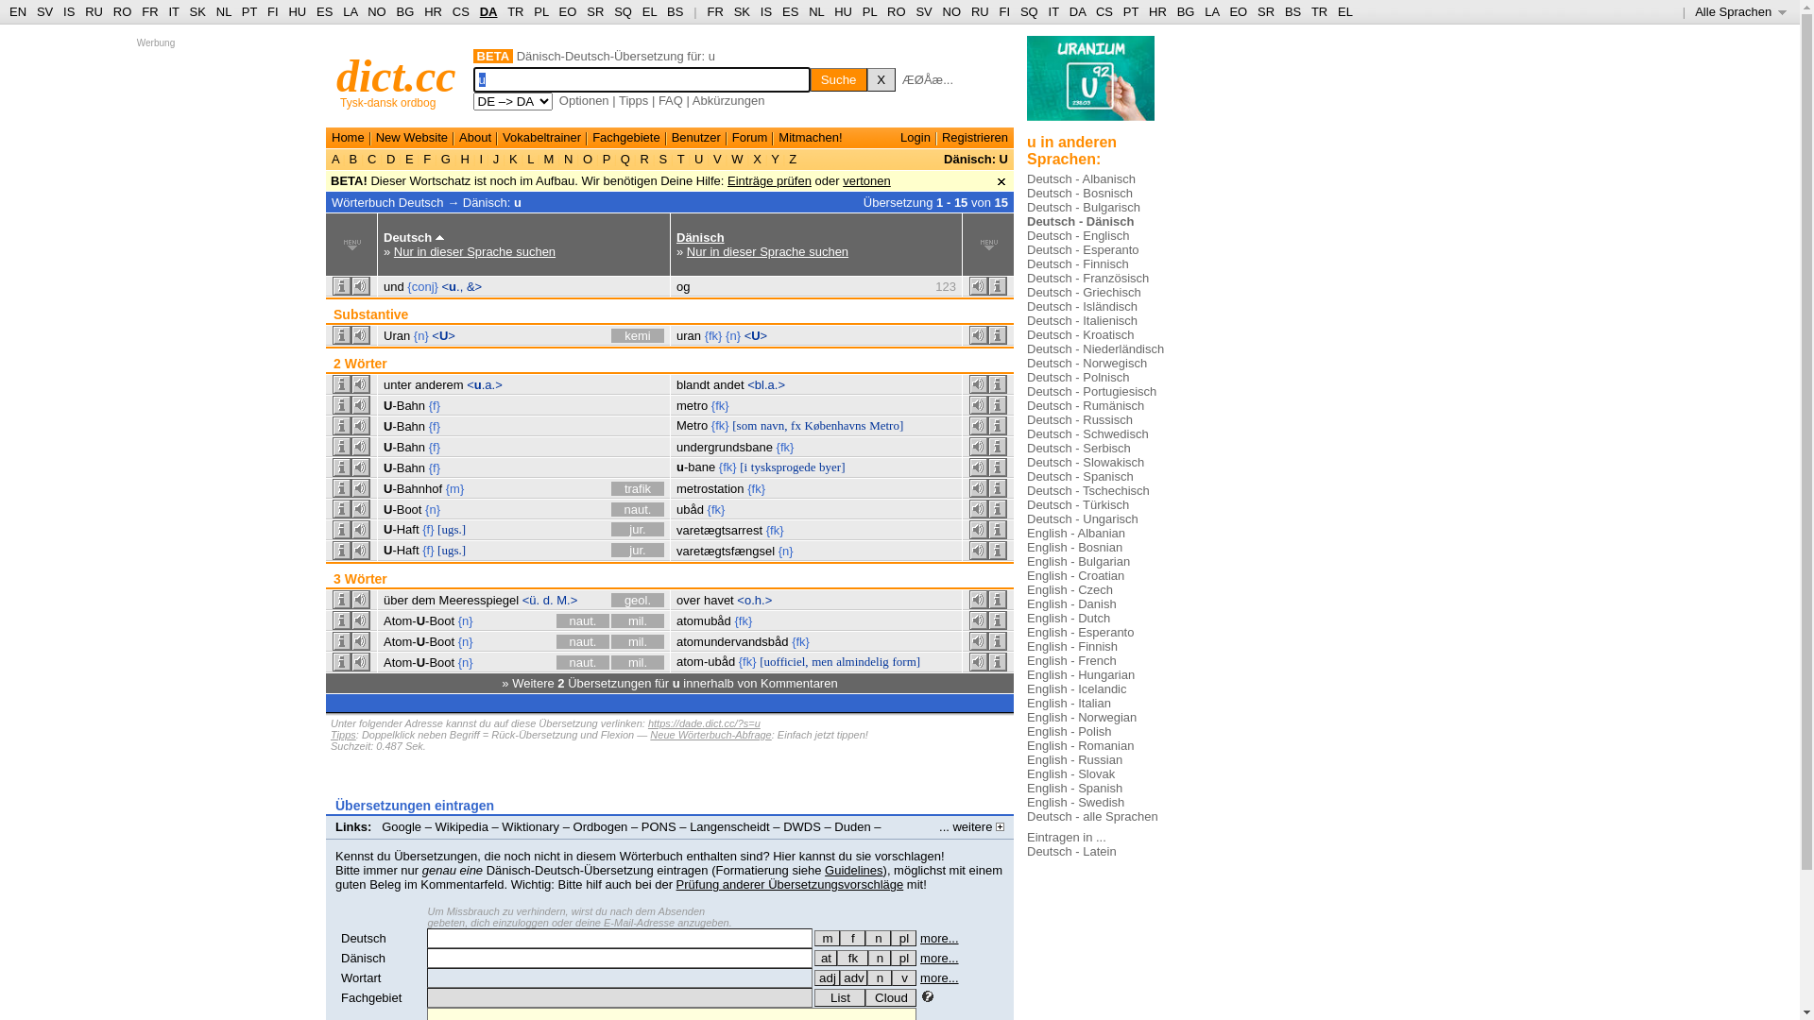  What do you see at coordinates (18, 11) in the screenshot?
I see `'EN'` at bounding box center [18, 11].